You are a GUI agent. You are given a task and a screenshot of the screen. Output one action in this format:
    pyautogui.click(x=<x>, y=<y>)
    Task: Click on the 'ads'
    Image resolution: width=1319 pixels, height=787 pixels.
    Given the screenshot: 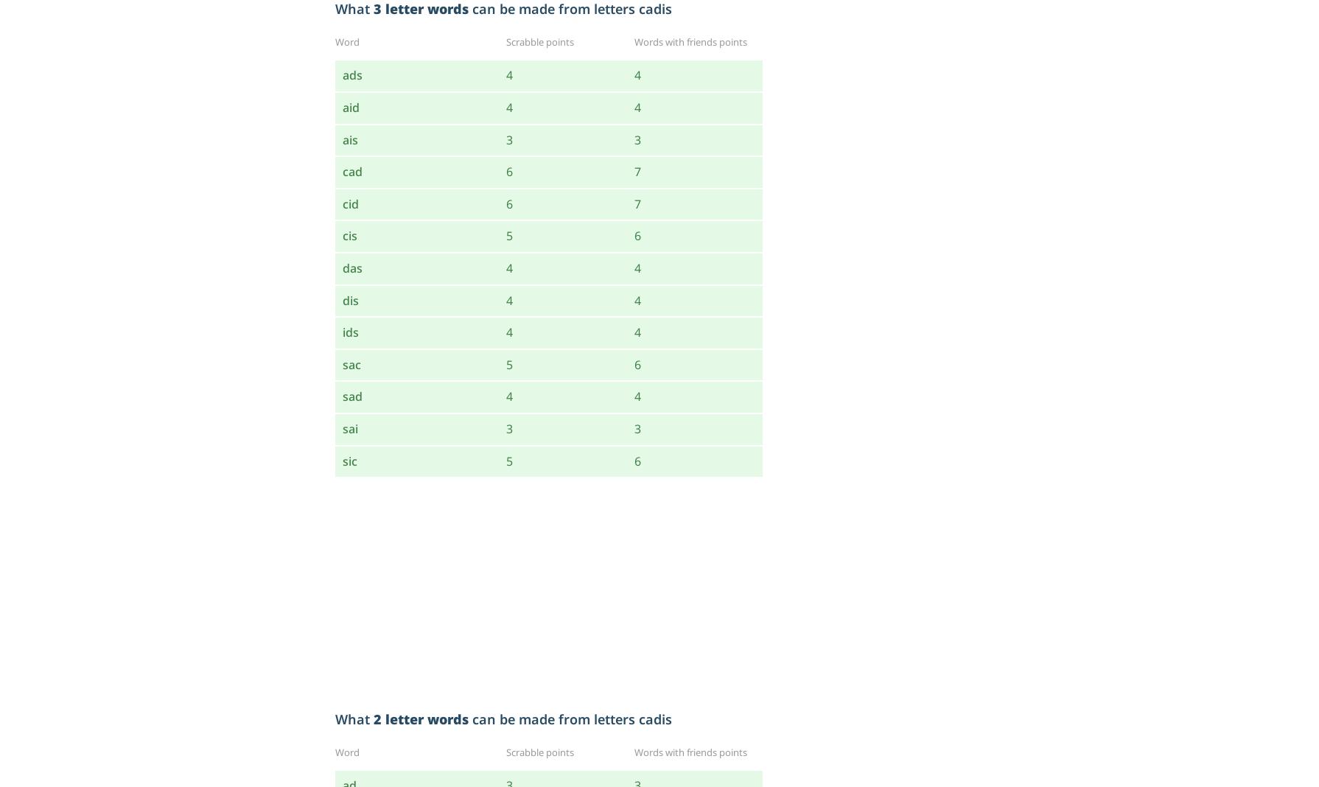 What is the action you would take?
    pyautogui.click(x=351, y=74)
    